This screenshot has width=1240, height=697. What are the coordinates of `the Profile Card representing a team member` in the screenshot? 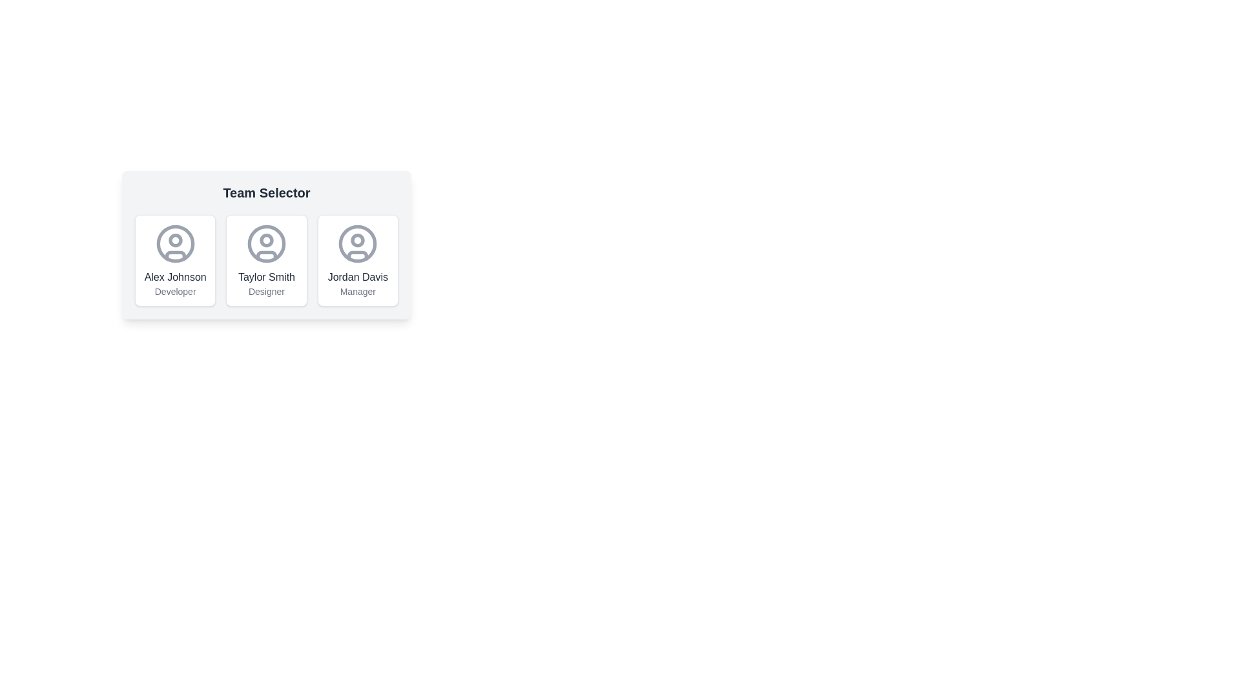 It's located at (174, 261).